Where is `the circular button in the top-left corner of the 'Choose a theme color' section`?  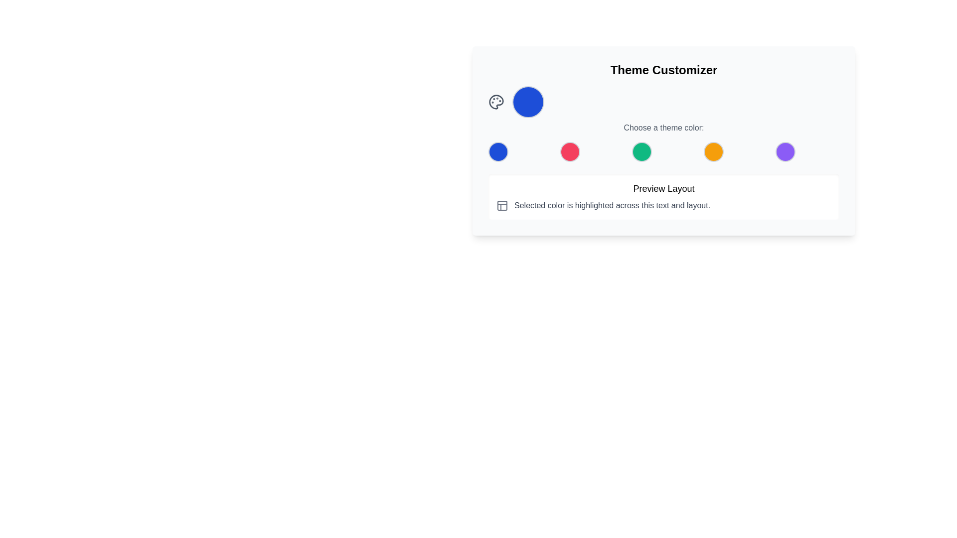
the circular button in the top-left corner of the 'Choose a theme color' section is located at coordinates (498, 151).